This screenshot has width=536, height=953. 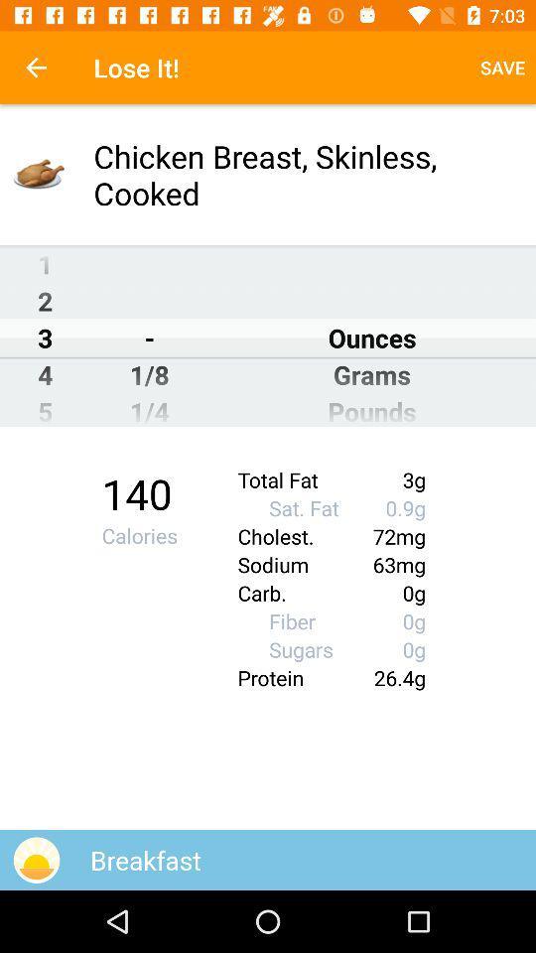 I want to click on item to the right of lose it! icon, so click(x=501, y=68).